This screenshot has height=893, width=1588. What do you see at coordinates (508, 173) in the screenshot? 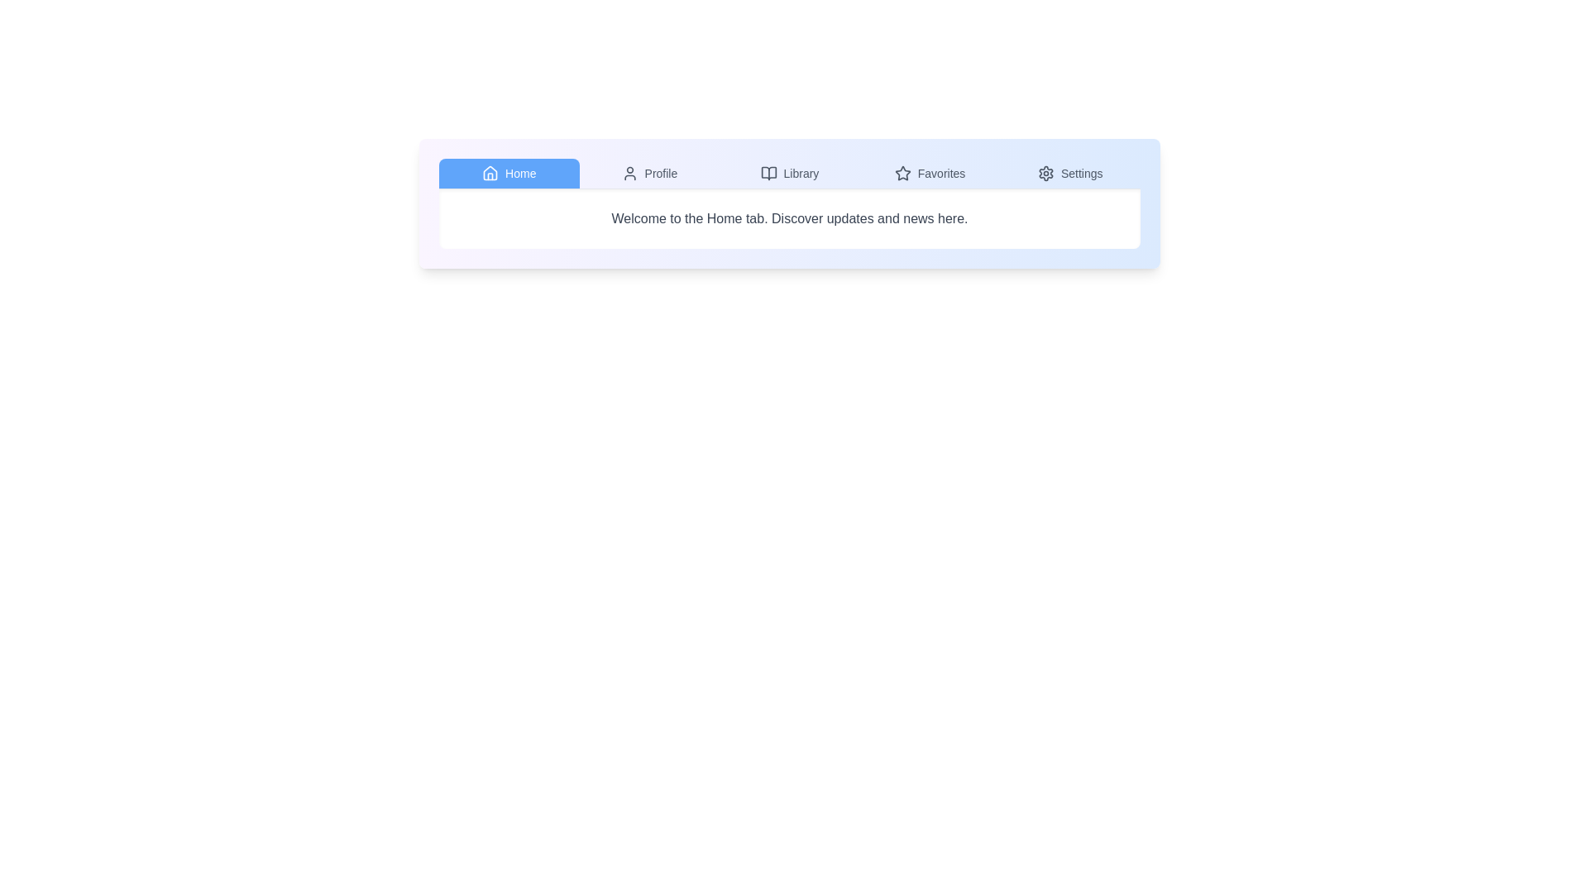
I see `the 'Home' button, which is a rectangular button with a blue background and white text, located at the far left of the navigation bar` at bounding box center [508, 173].